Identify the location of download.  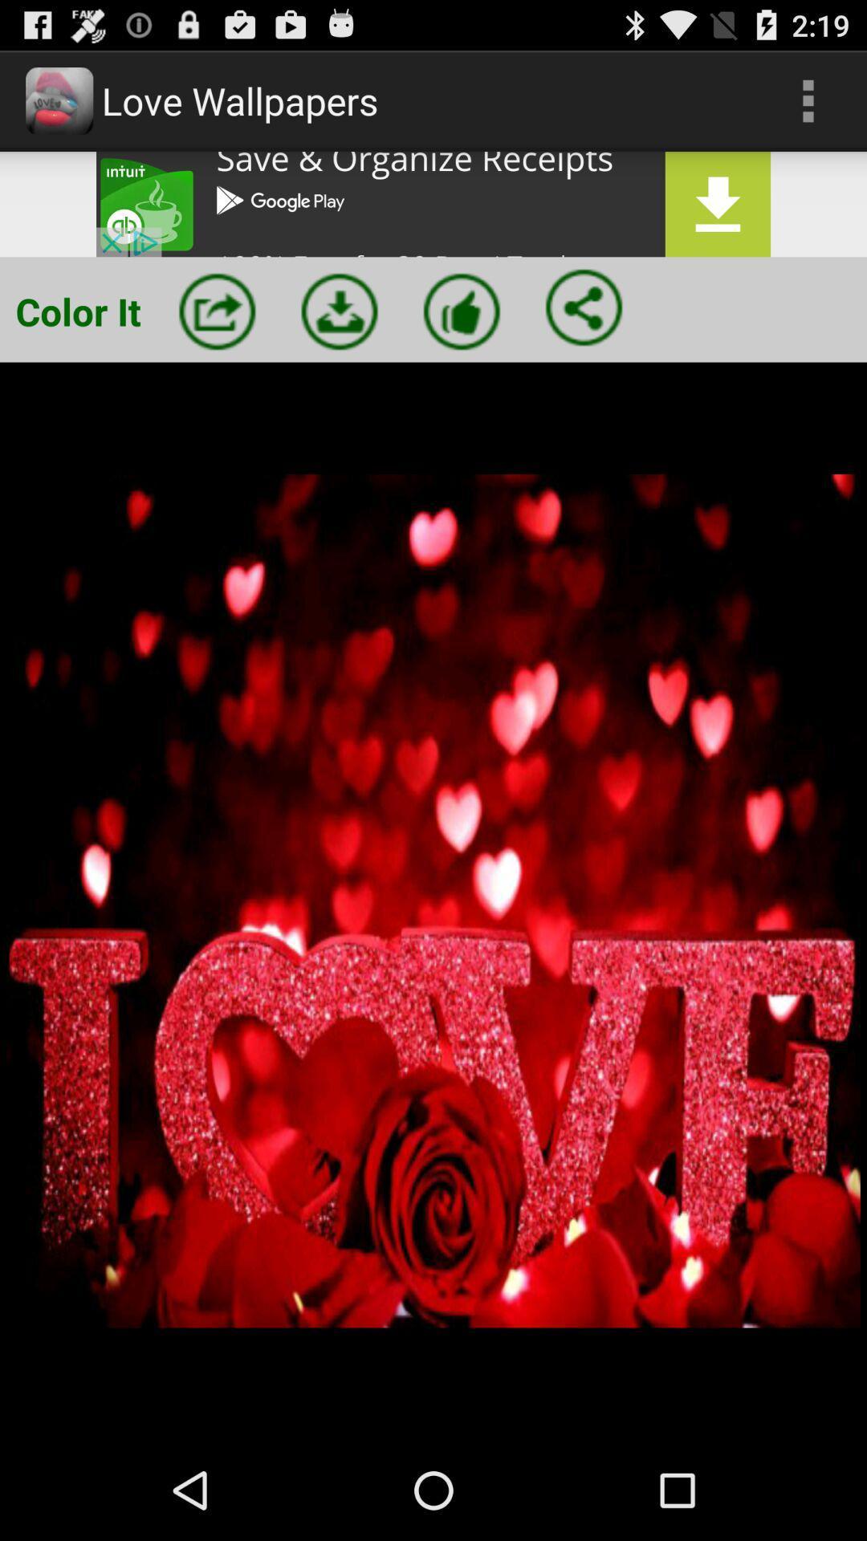
(339, 311).